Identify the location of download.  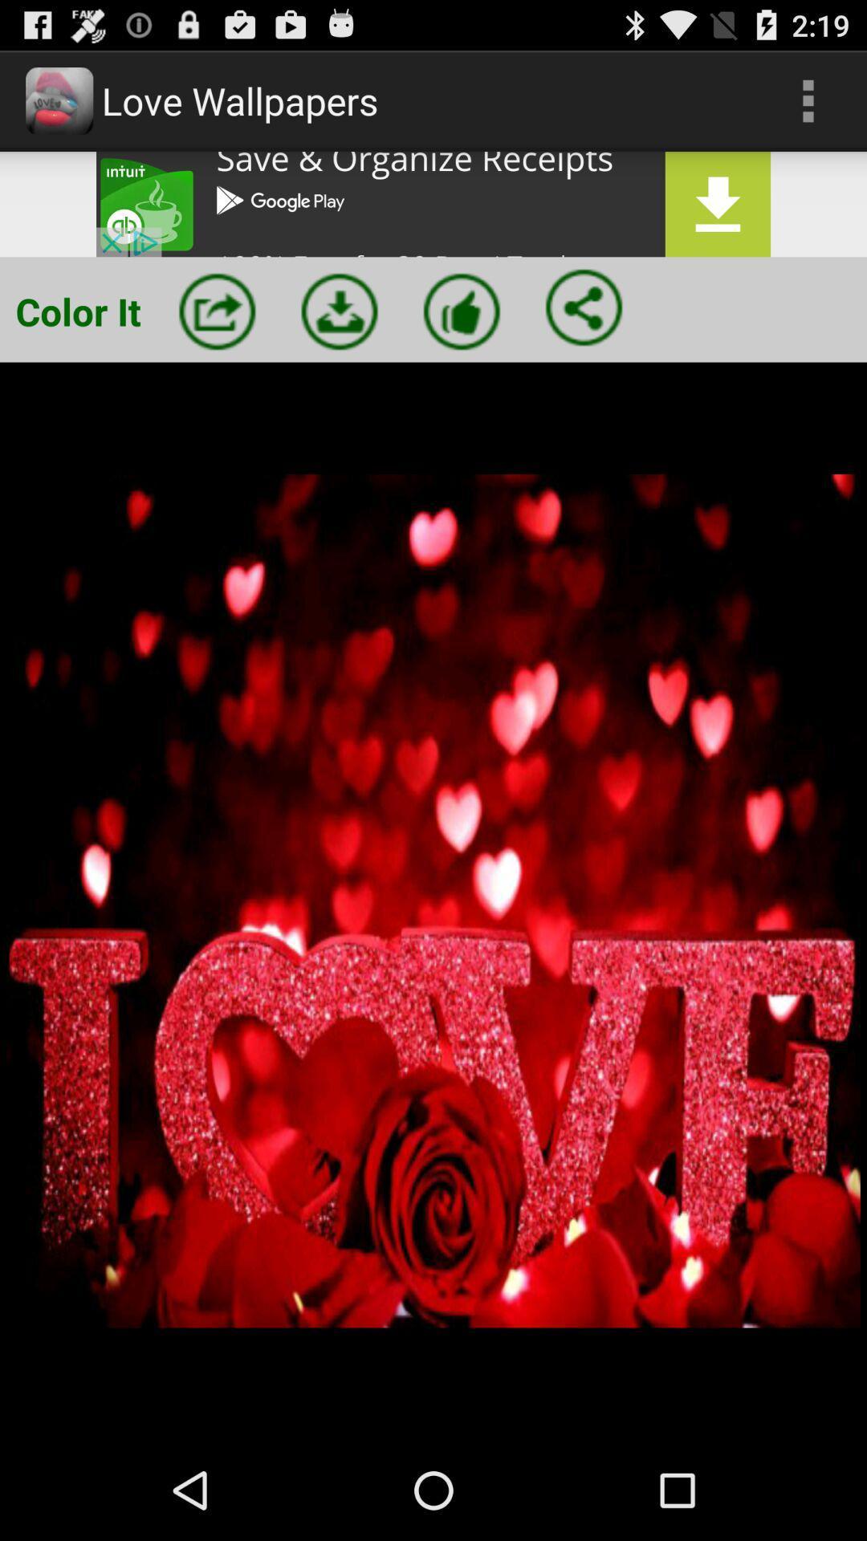
(339, 311).